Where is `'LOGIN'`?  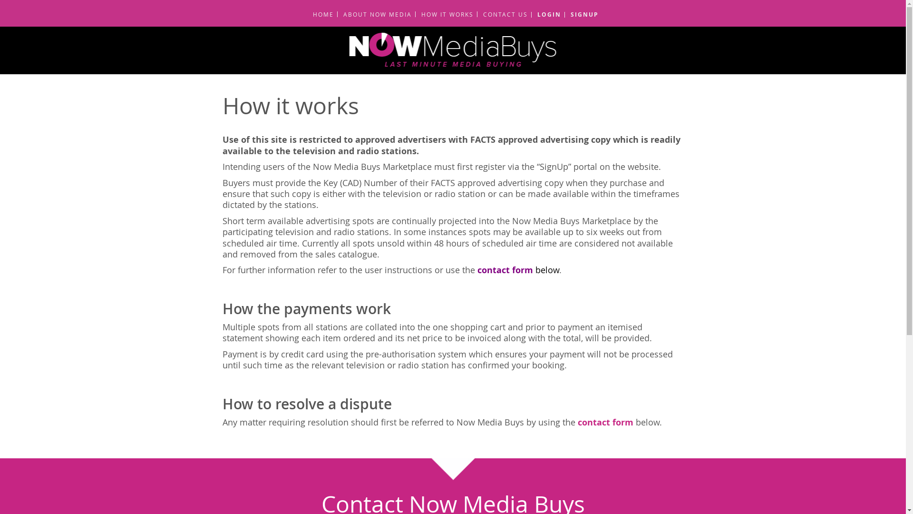
'LOGIN' is located at coordinates (546, 14).